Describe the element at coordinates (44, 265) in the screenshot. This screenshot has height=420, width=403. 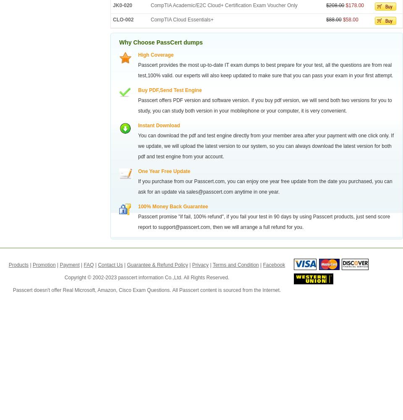
I see `'Promotion'` at that location.